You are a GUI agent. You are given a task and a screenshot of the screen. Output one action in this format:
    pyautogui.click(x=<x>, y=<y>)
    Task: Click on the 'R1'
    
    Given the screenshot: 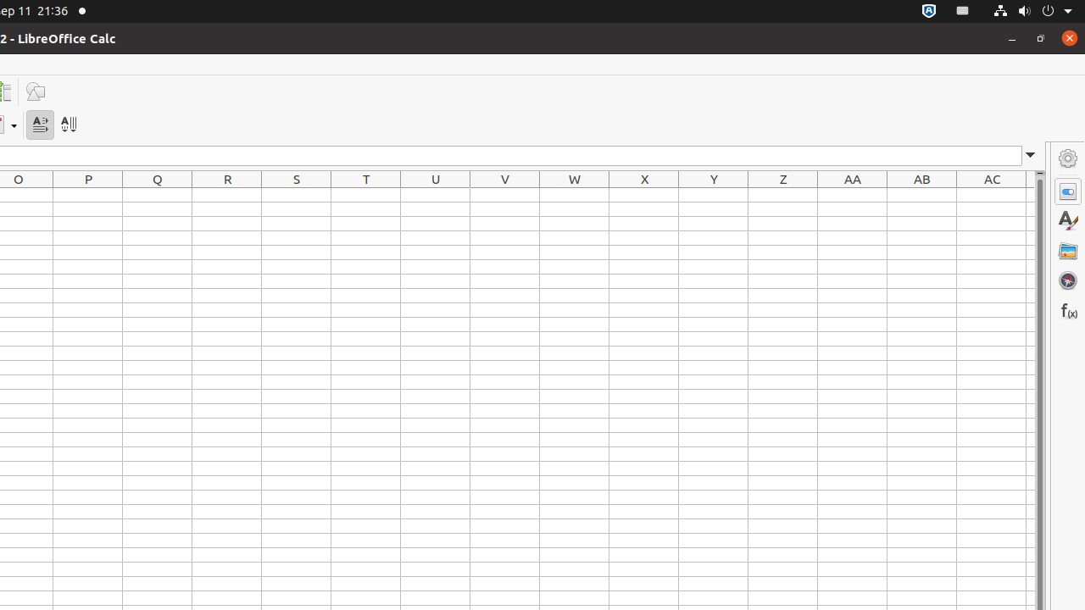 What is the action you would take?
    pyautogui.click(x=226, y=194)
    